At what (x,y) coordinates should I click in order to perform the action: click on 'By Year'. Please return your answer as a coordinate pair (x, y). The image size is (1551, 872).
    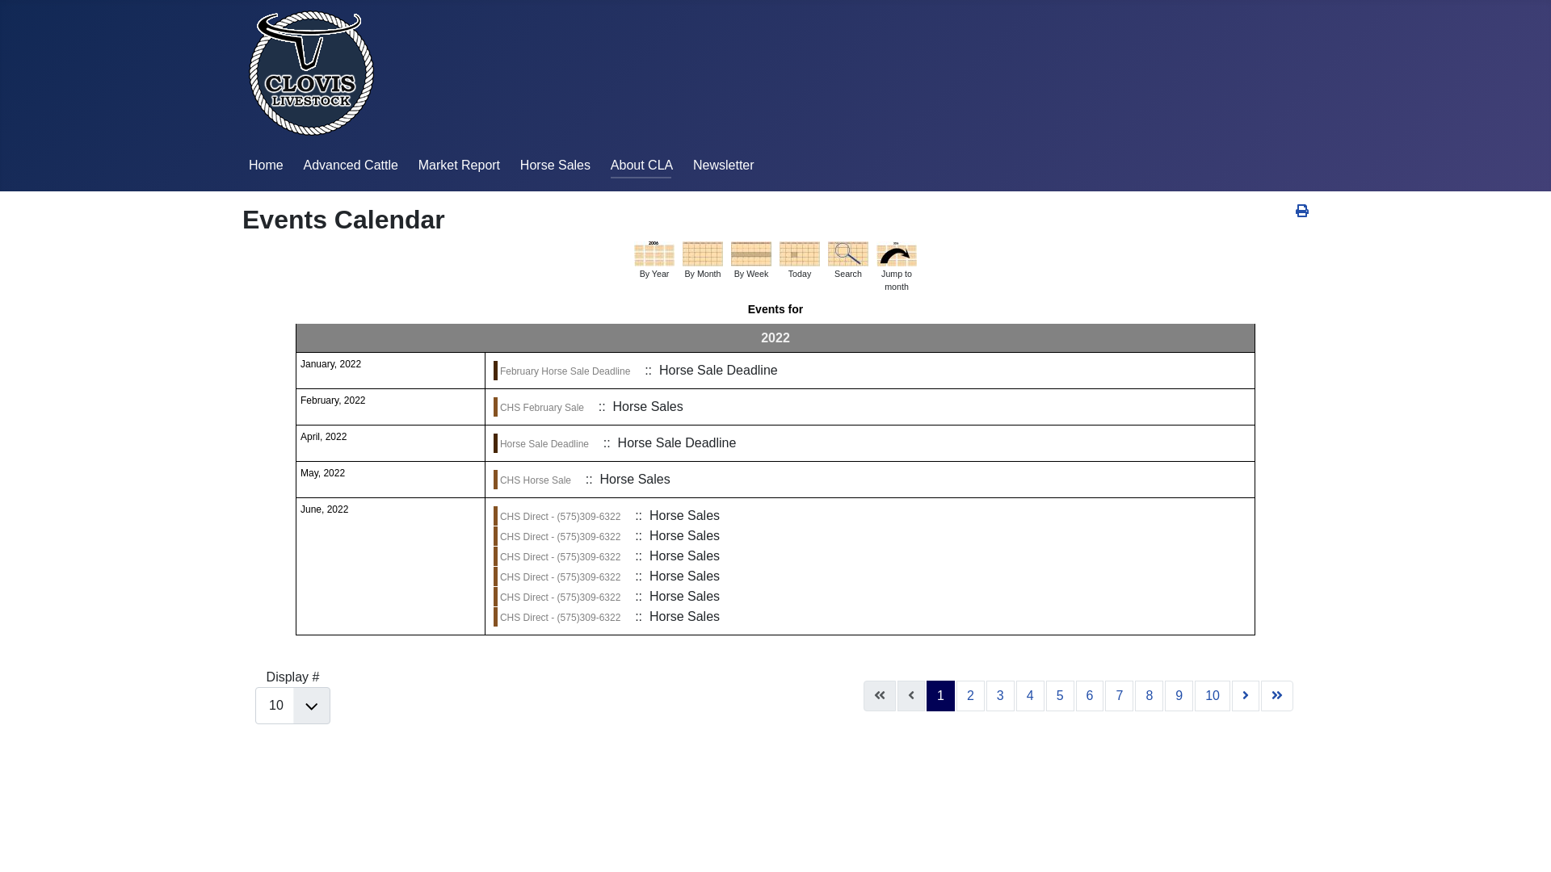
    Looking at the image, I should click on (654, 253).